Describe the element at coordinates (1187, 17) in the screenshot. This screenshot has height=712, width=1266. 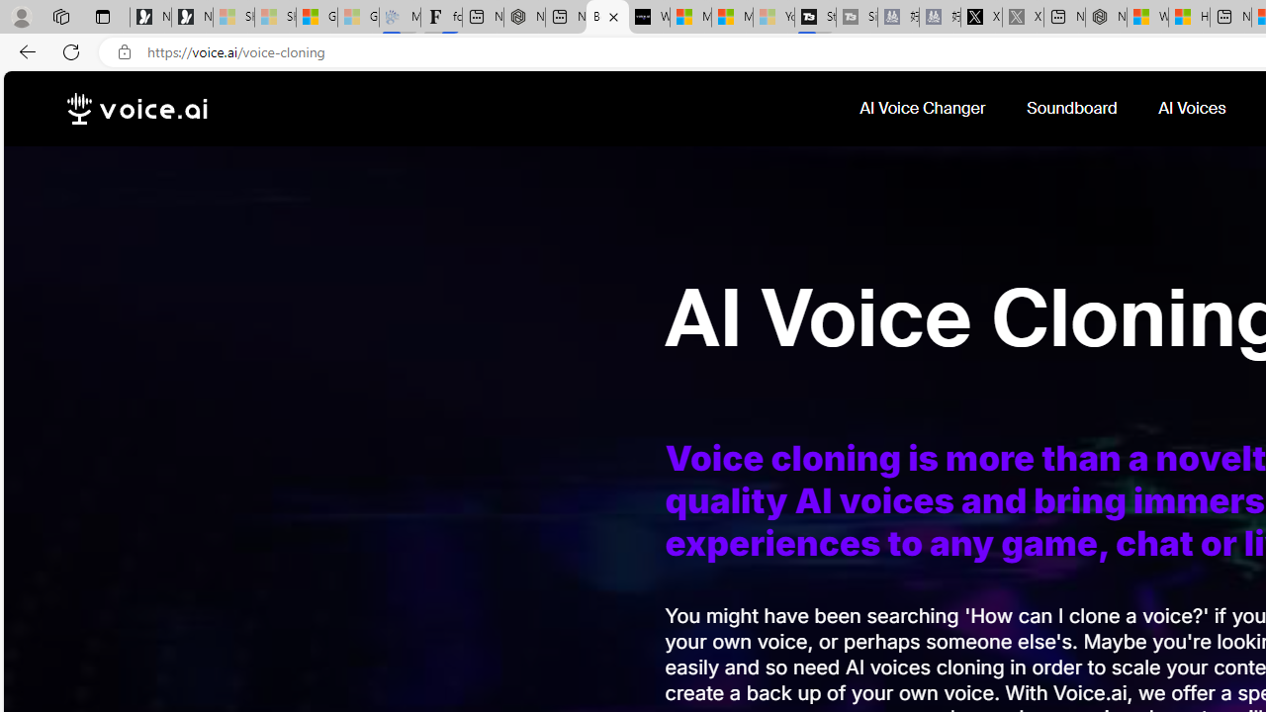
I see `'Huge shark washes ashore at New York City beach | Watch'` at that location.